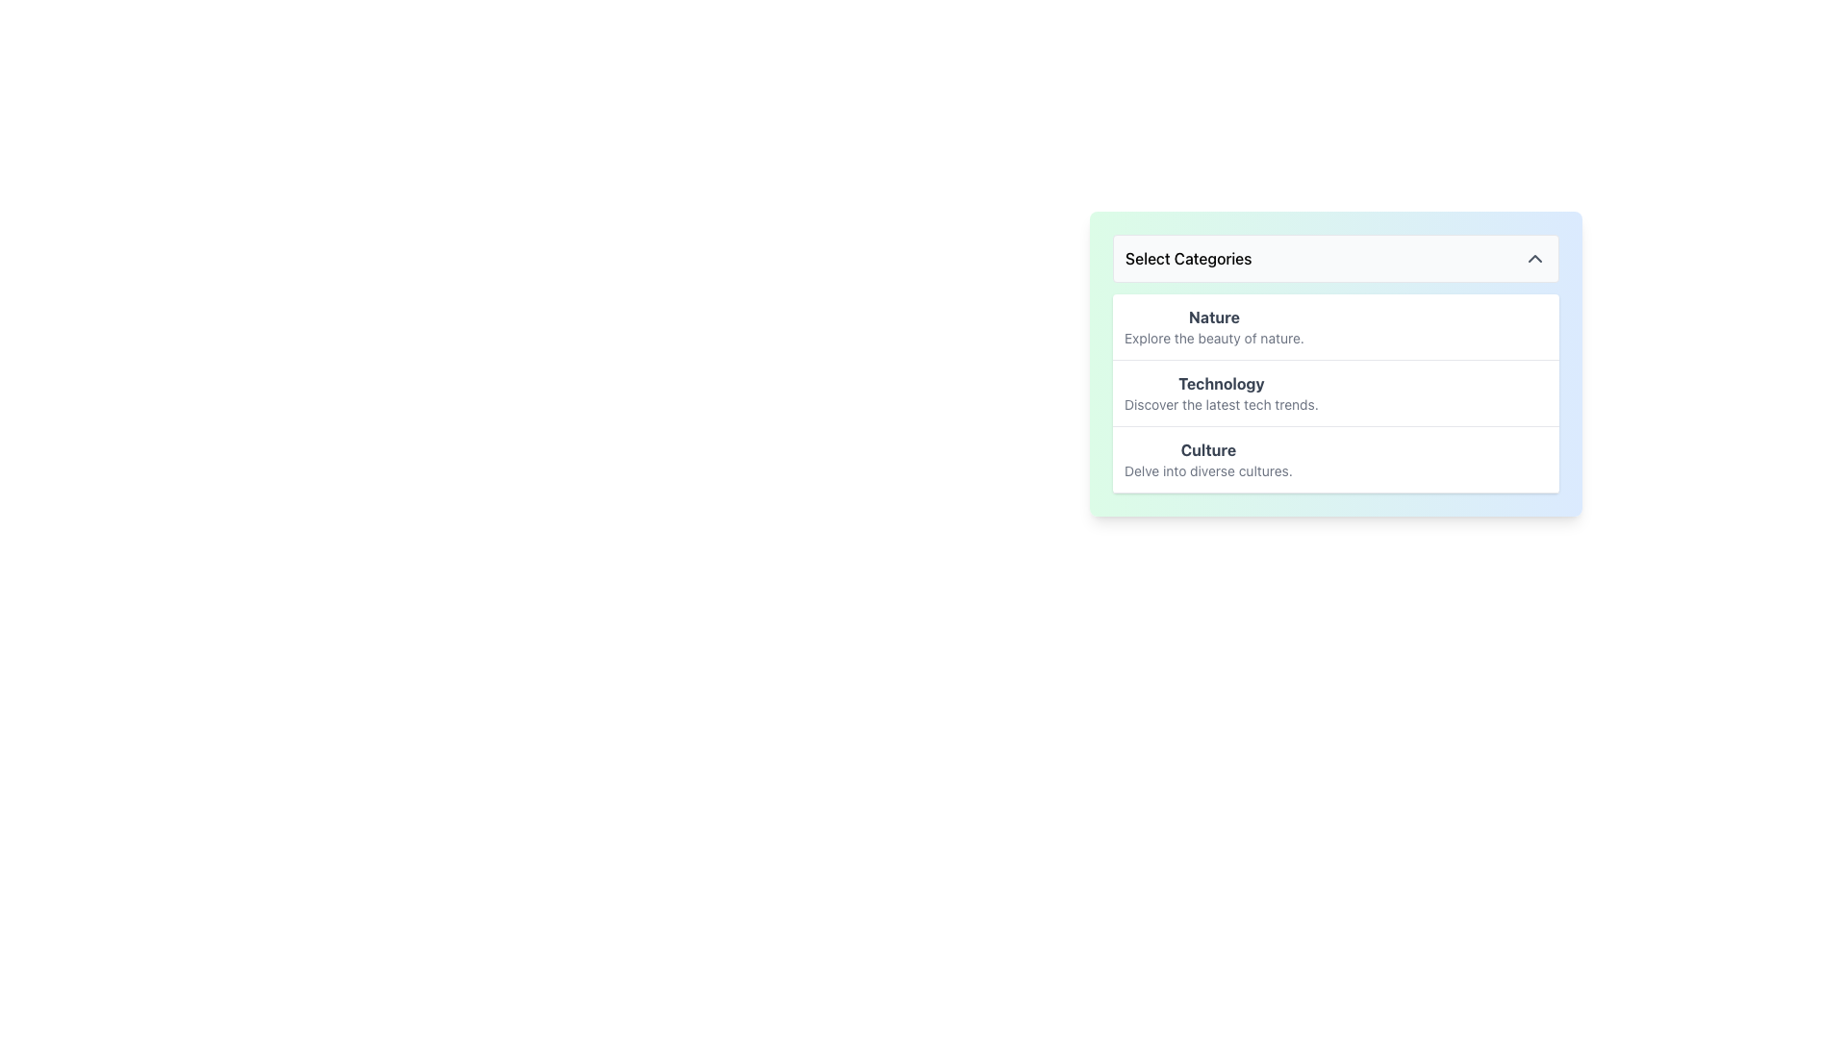 The width and height of the screenshot is (1847, 1039). Describe the element at coordinates (1220, 392) in the screenshot. I see `the 'Technology' category selection text block in the list of categories` at that location.